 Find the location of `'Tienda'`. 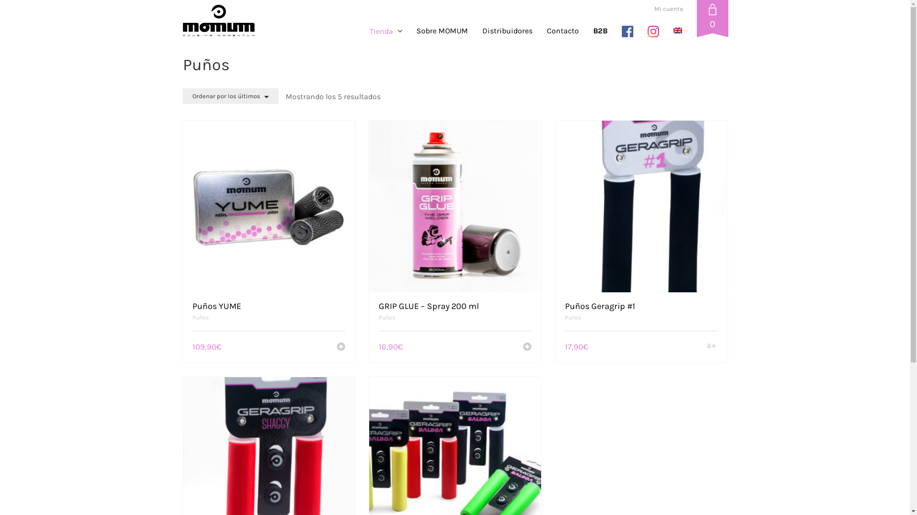

'Tienda' is located at coordinates (389, 31).